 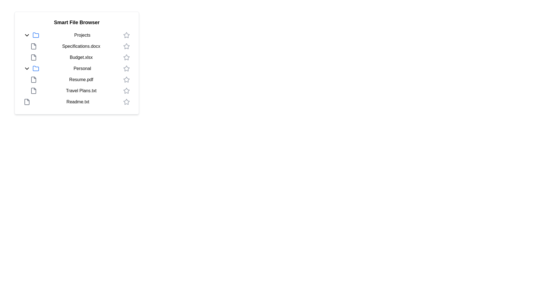 I want to click on the file entry named 'Travel Plans.txt', so click(x=80, y=91).